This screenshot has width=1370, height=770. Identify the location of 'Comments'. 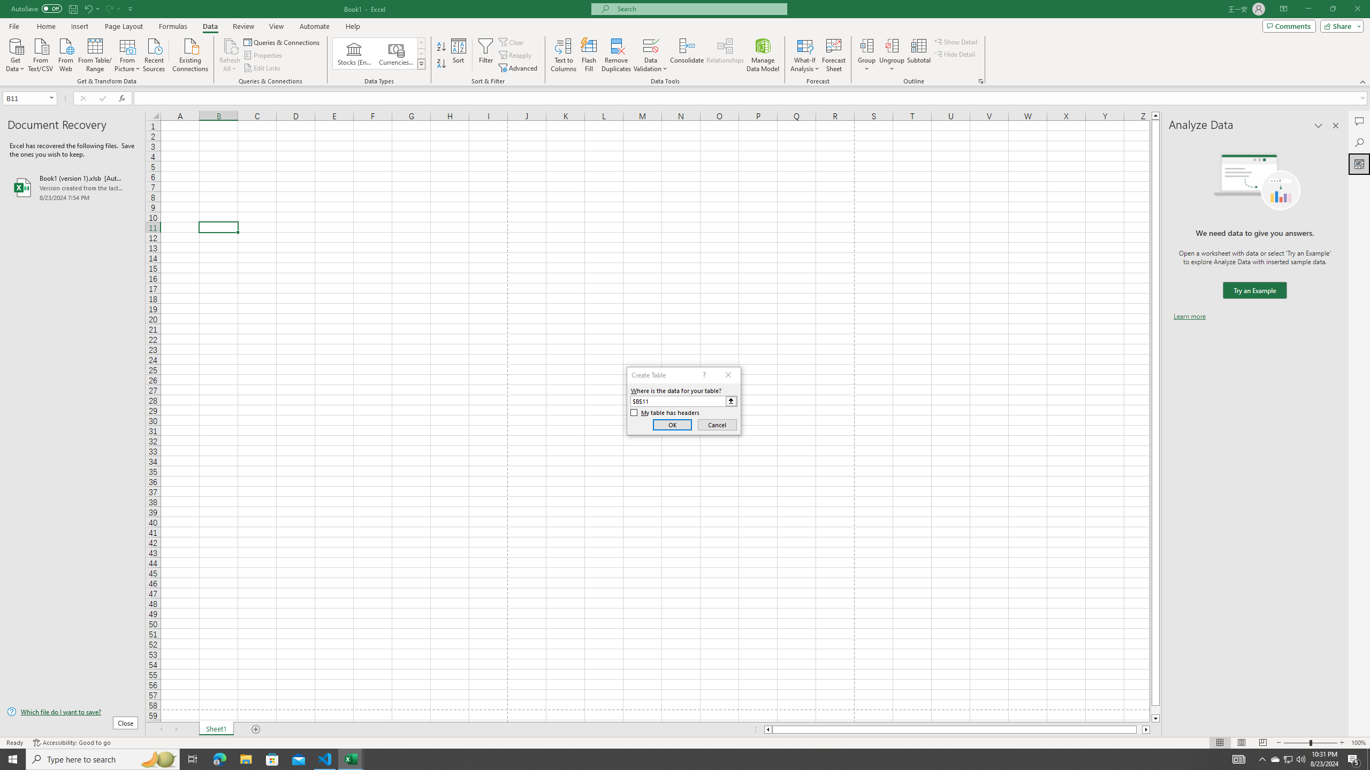
(1289, 25).